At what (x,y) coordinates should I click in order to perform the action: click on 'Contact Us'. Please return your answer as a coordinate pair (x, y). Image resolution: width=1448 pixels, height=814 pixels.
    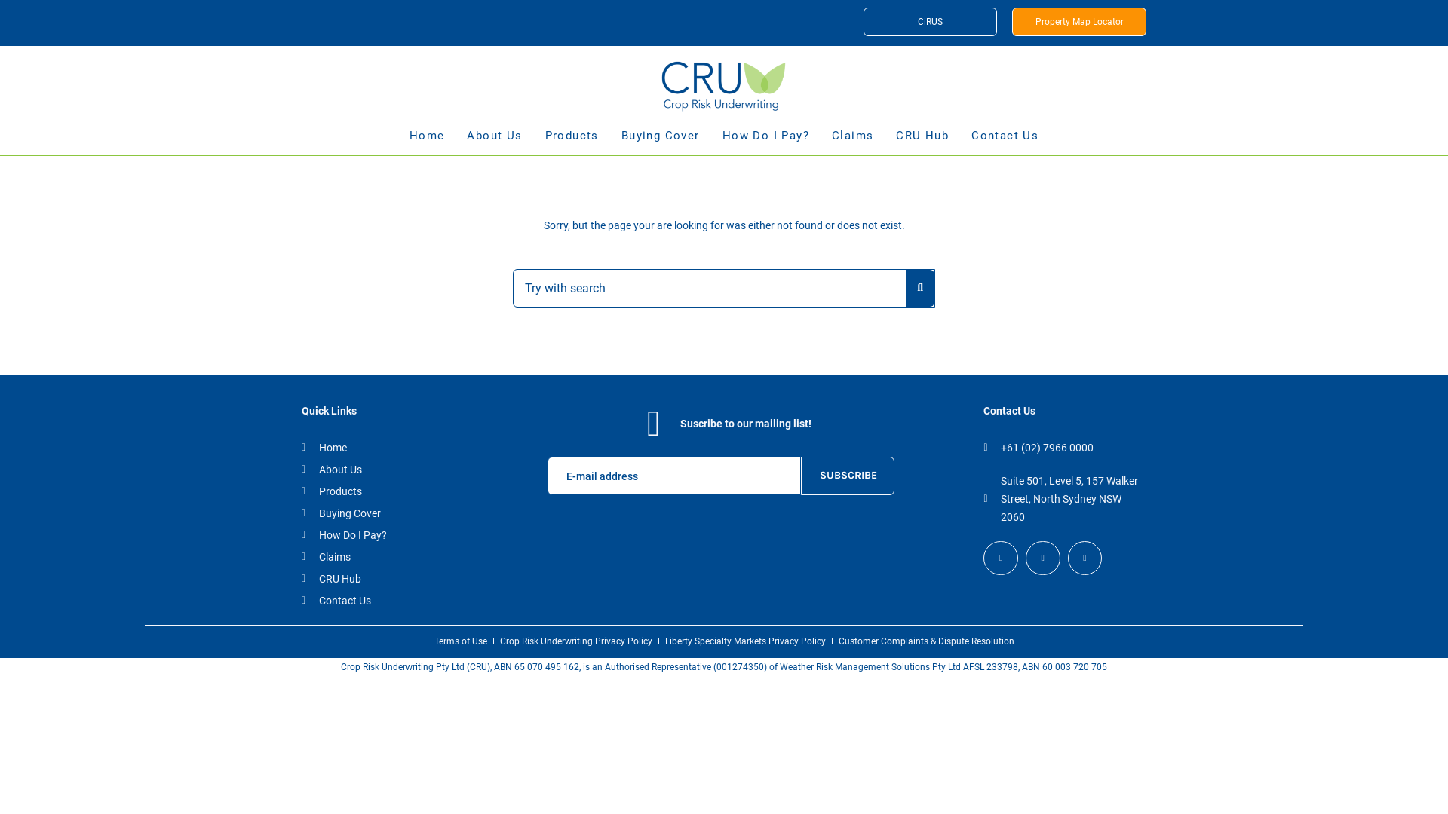
    Looking at the image, I should click on (380, 600).